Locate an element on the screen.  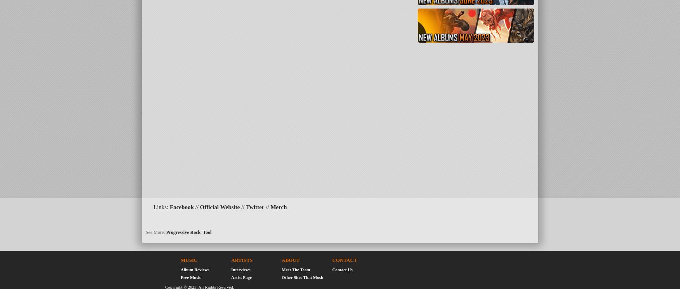
'Tool' is located at coordinates (207, 232).